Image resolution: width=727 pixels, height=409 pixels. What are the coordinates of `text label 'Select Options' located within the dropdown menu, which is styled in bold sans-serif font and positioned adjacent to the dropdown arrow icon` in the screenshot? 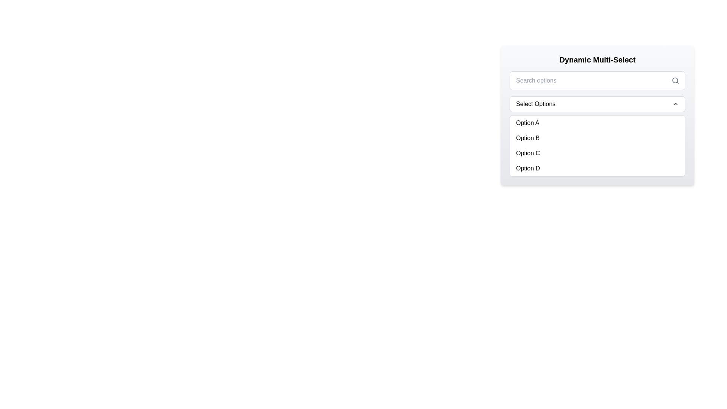 It's located at (535, 104).